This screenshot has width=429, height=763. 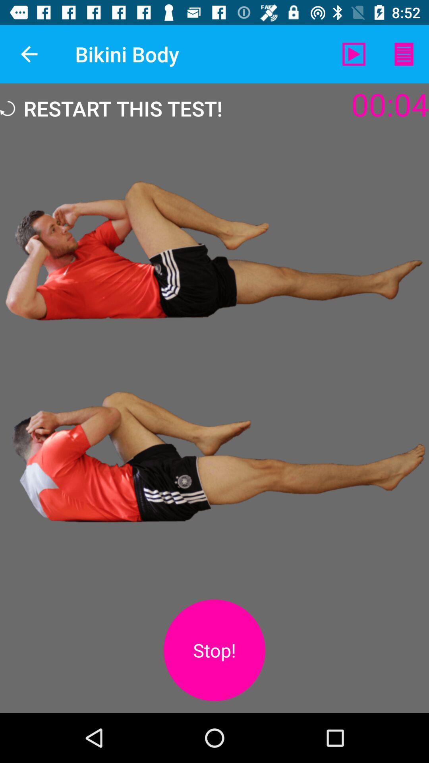 I want to click on the icon above the 00:05 item, so click(x=354, y=54).